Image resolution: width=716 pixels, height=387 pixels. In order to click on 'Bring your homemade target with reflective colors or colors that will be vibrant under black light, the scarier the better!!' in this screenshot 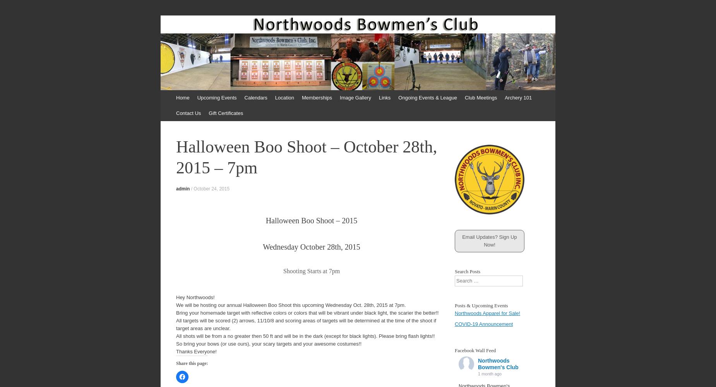, I will do `click(307, 313)`.